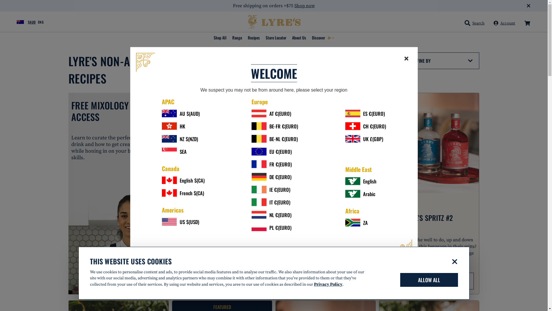 The image size is (552, 311). I want to click on 'US, so click(183, 221).